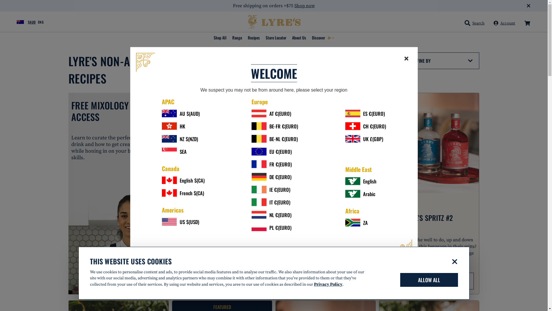 The image size is (552, 311). I want to click on 'US, so click(183, 221).